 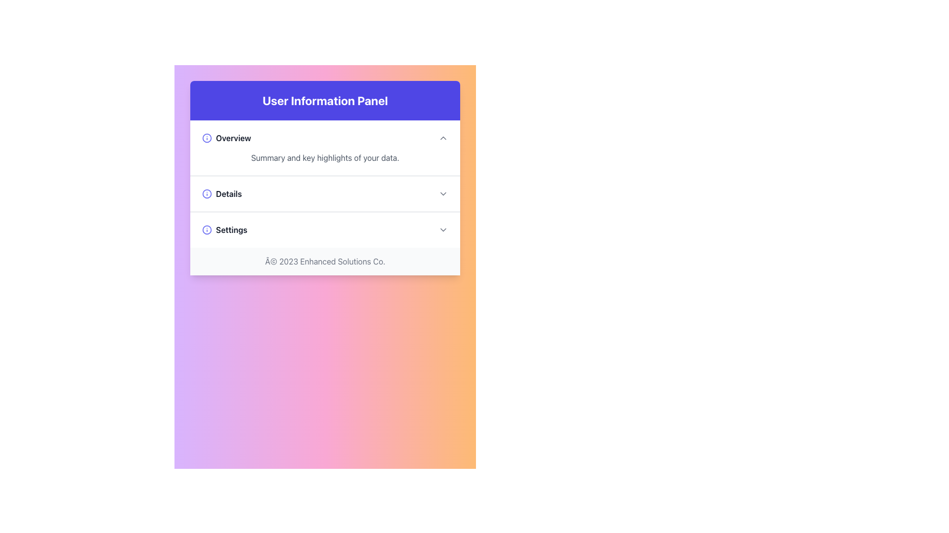 What do you see at coordinates (206, 230) in the screenshot?
I see `the circular vector shape that is part of the illustrative icon located to the left of the 'Overview' label in the 'User Information Panel'` at bounding box center [206, 230].